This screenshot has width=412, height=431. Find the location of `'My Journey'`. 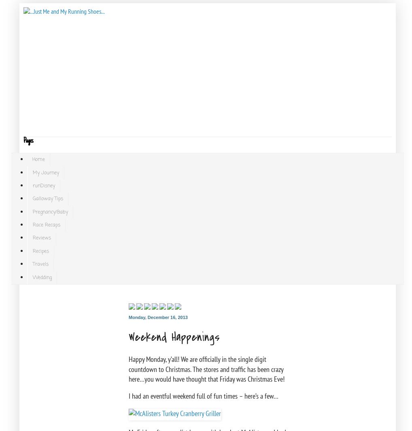

'My Journey' is located at coordinates (33, 173).